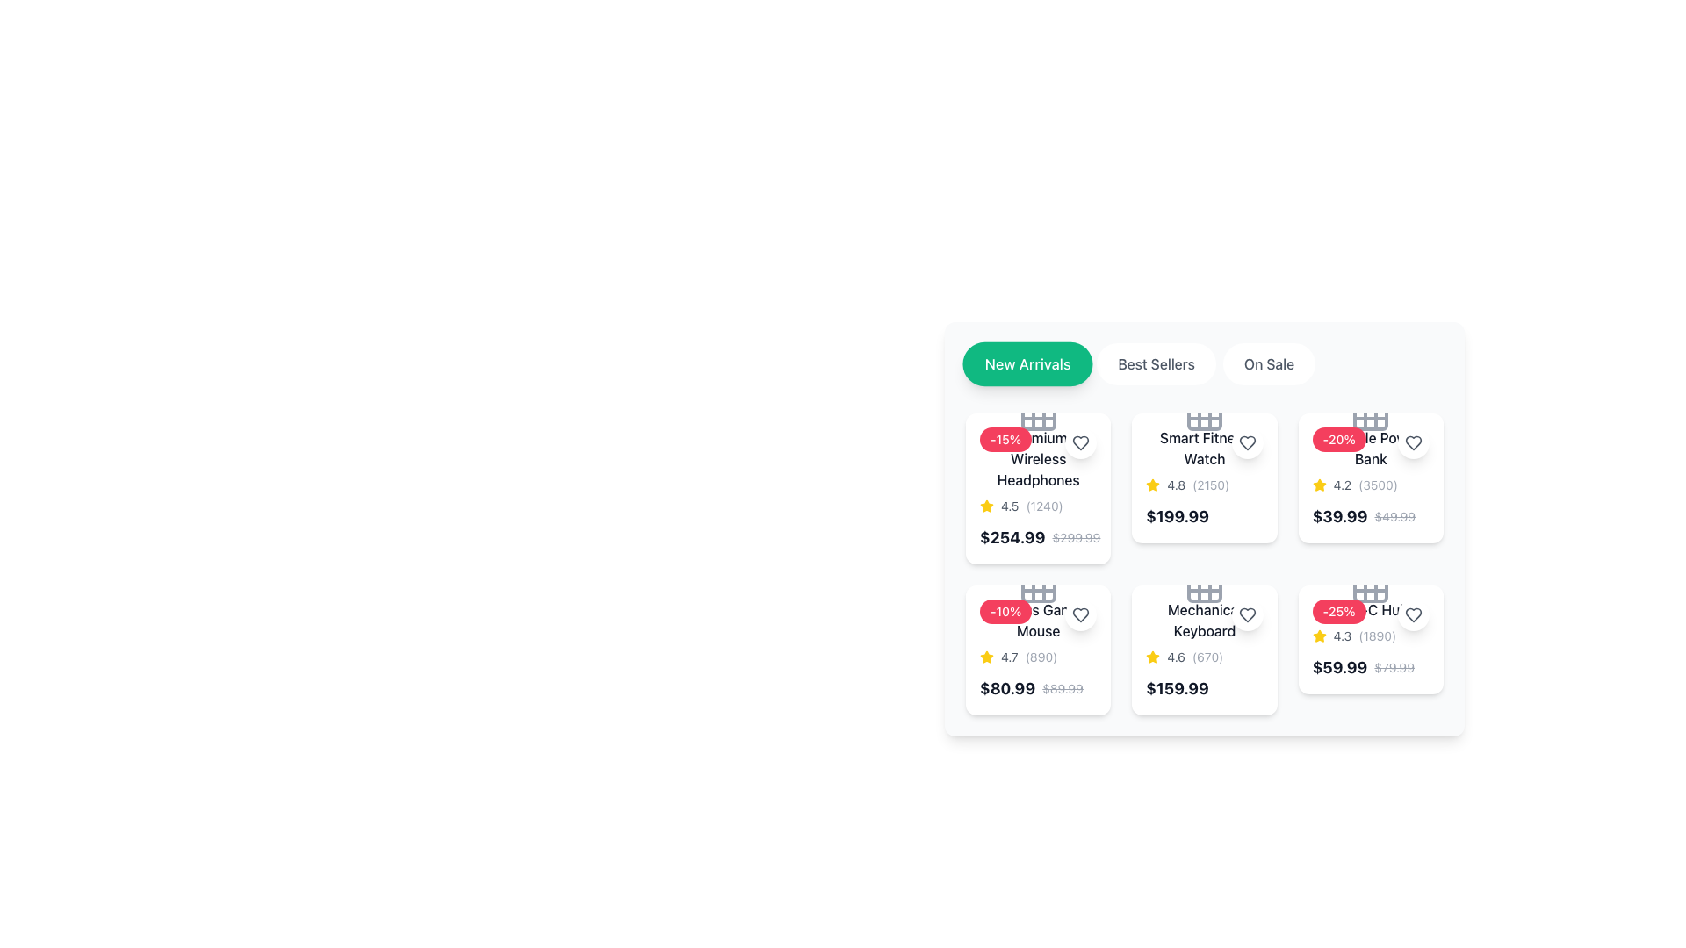 The height and width of the screenshot is (948, 1686). Describe the element at coordinates (1377, 485) in the screenshot. I see `the gray text label displaying '(3500)' that indicates a count or rating, located within the rating section of the 'Apple Power Bank' card, following the yellow star icon and the '4.2' value` at that location.